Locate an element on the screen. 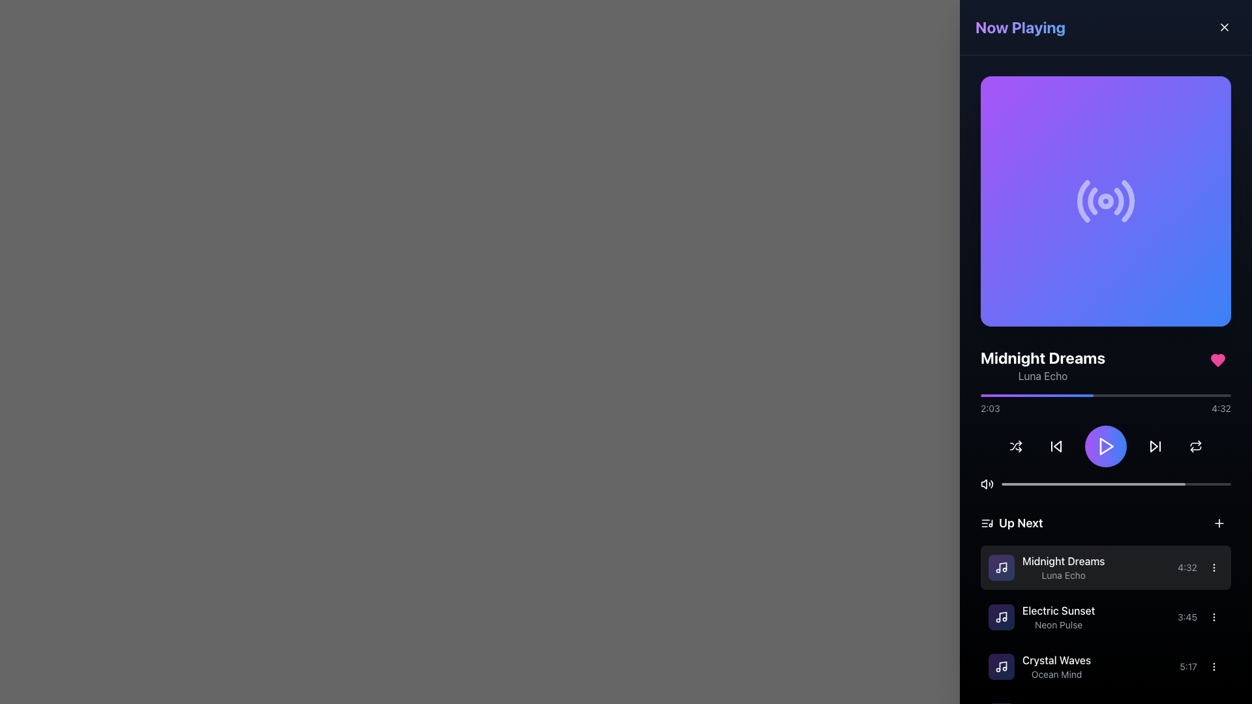 The height and width of the screenshot is (704, 1252). the close button located in the top-right corner of the interface, next to the title 'Now Playing' is located at coordinates (1223, 27).